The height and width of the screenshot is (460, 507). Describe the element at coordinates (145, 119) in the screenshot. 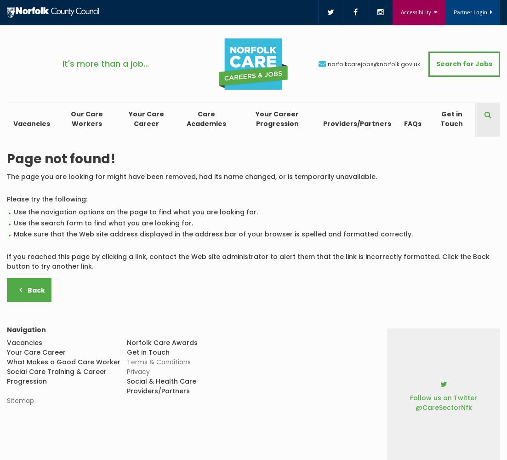

I see `'Your Care Career'` at that location.